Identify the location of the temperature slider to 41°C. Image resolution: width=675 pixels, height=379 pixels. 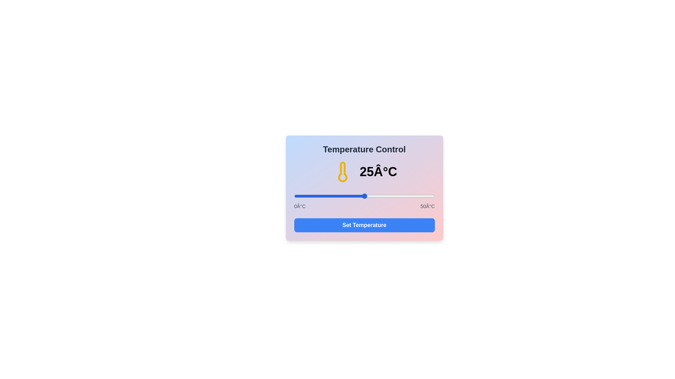
(409, 196).